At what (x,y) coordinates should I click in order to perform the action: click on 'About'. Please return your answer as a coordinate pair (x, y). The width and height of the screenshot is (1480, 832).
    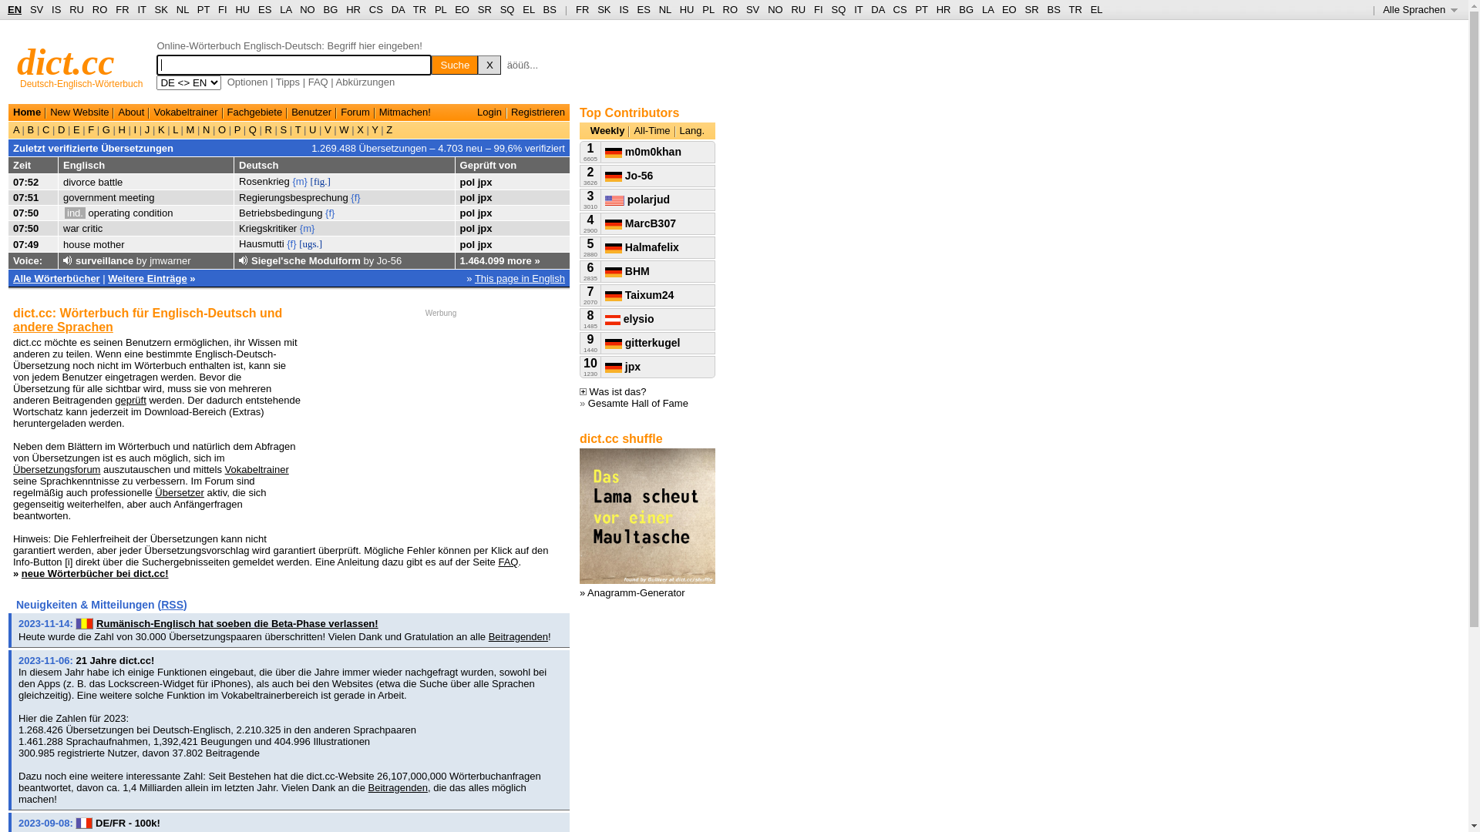
    Looking at the image, I should click on (130, 111).